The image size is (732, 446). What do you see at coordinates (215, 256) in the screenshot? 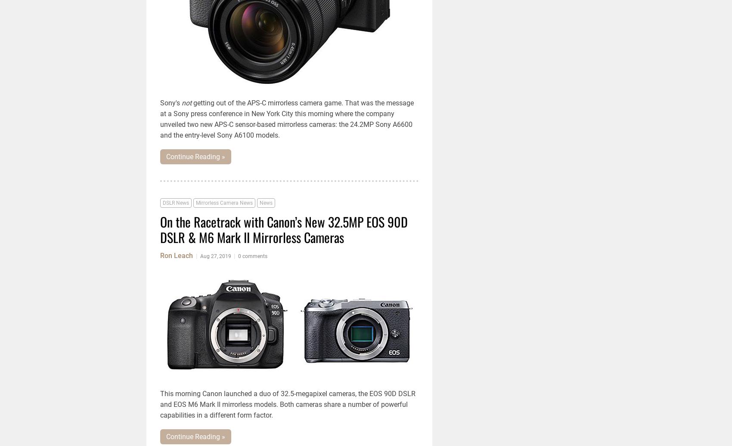
I see `'Aug 27, 2019'` at bounding box center [215, 256].